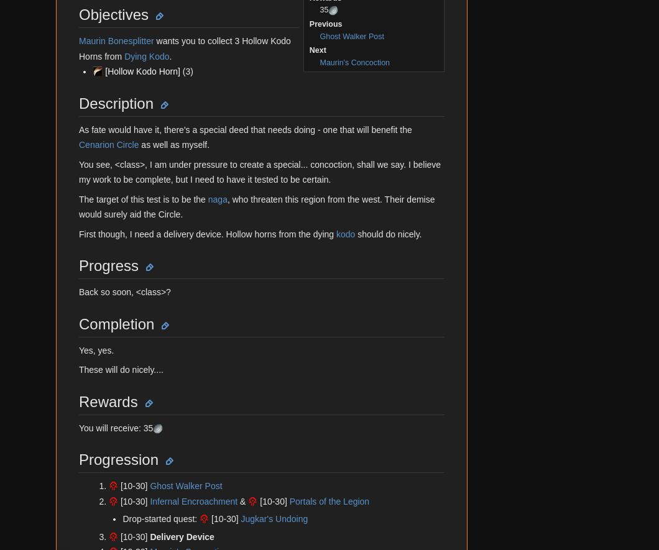 Image resolution: width=659 pixels, height=550 pixels. I want to click on 'Community', so click(52, 355).